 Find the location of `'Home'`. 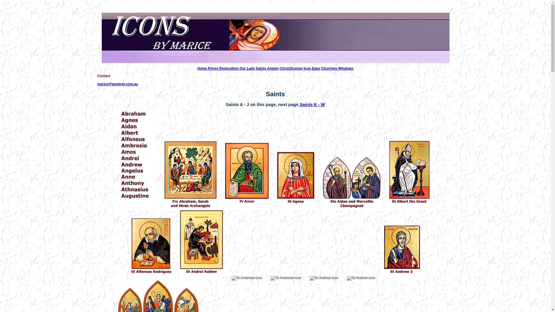

'Home' is located at coordinates (203, 68).